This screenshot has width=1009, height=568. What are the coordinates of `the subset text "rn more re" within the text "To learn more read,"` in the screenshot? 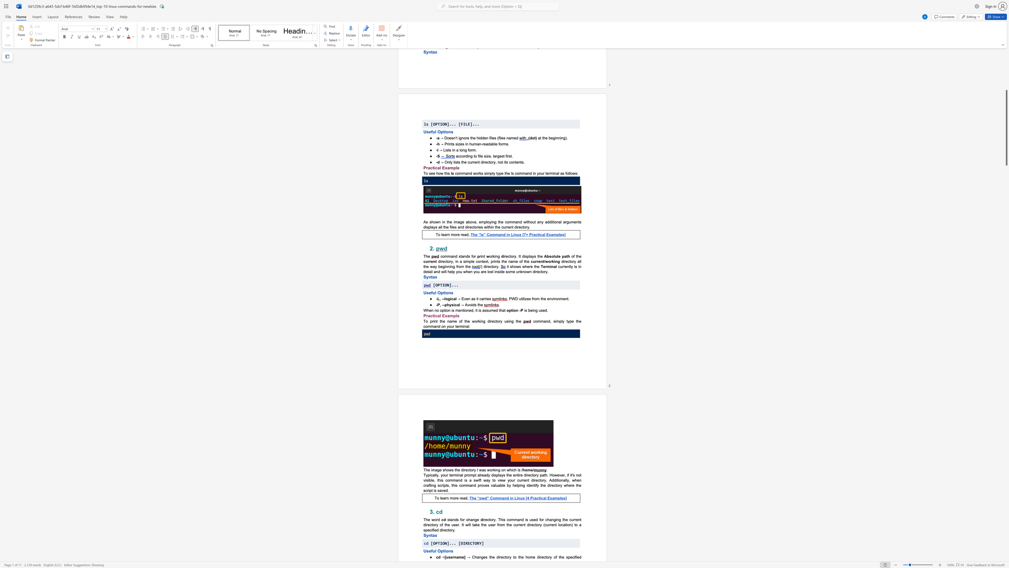 It's located at (445, 497).